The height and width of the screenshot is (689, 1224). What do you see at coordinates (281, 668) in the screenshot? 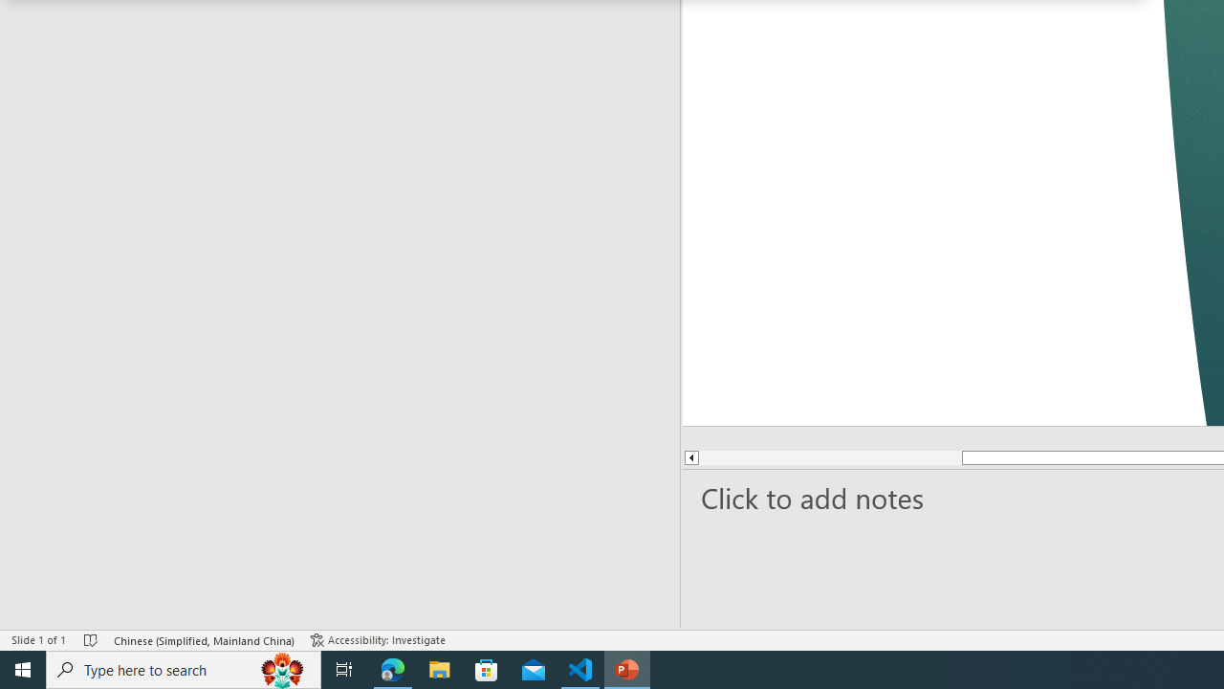
I see `'Search highlights icon opens search home window'` at bounding box center [281, 668].